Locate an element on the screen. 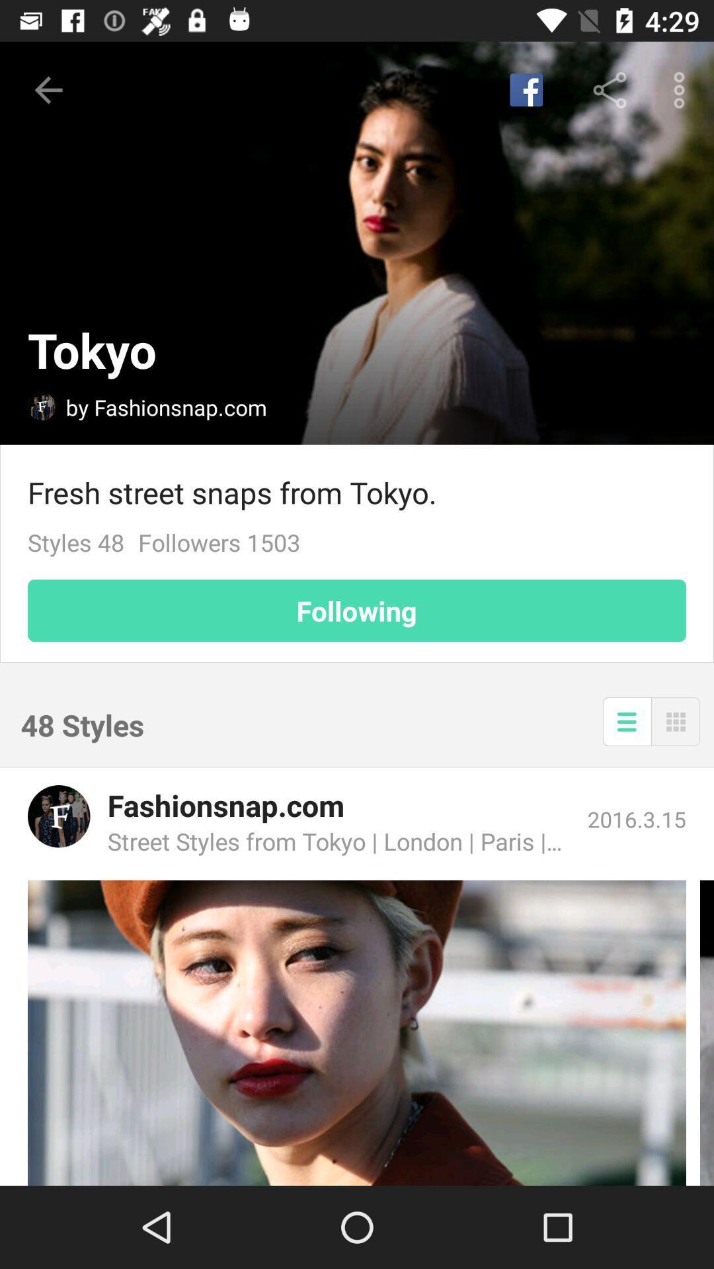  fashionsnap.com is located at coordinates (58, 816).